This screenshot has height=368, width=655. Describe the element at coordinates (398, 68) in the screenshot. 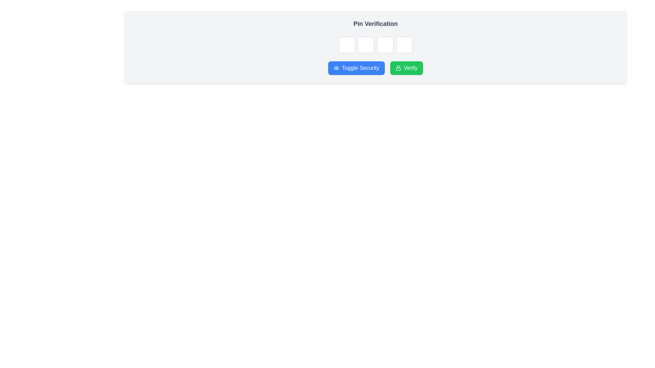

I see `the secure action icon located to the left of the 'Verify' text label in the 'Verify' button` at that location.